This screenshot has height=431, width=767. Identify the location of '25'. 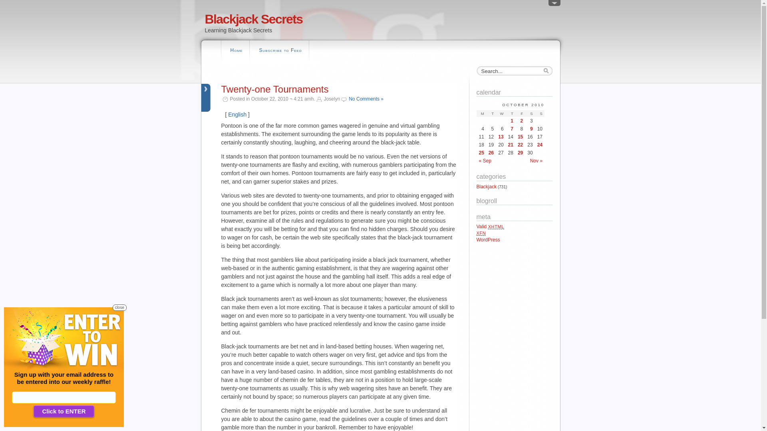
(479, 152).